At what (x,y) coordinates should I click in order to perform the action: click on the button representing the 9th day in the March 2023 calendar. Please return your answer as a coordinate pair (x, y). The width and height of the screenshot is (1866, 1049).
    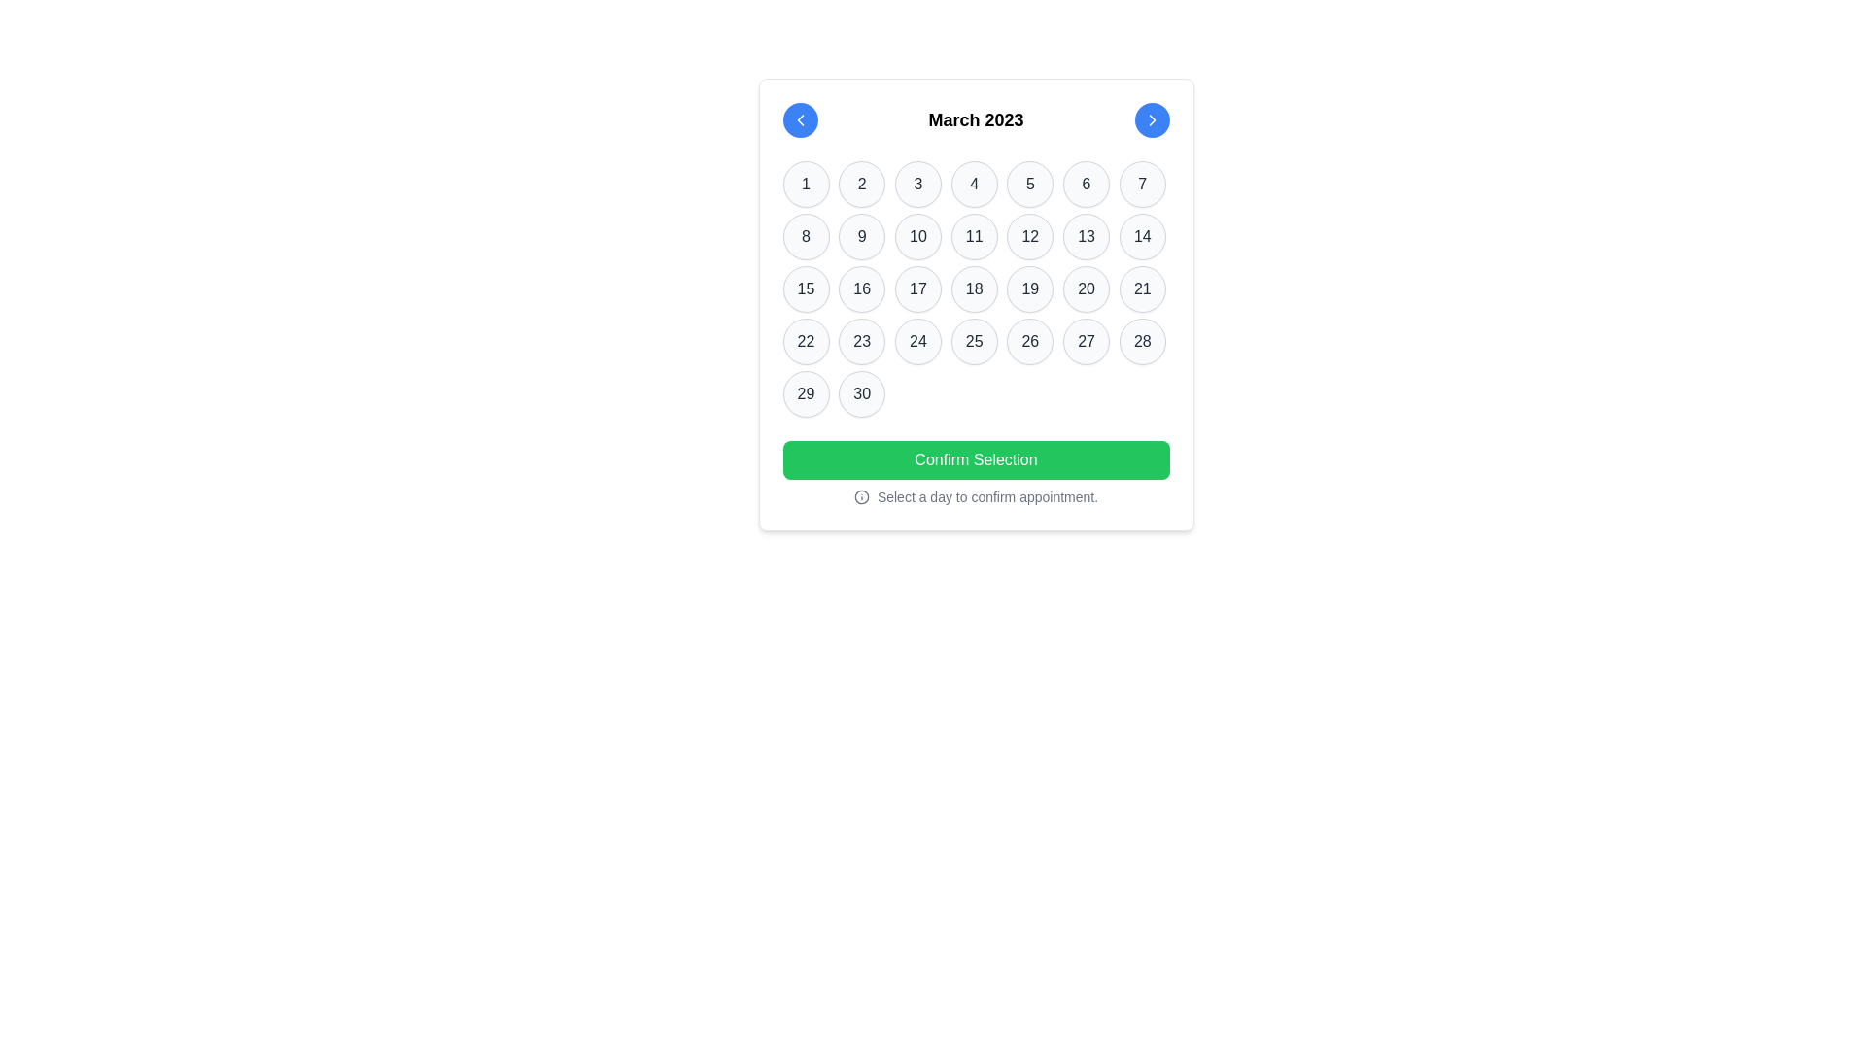
    Looking at the image, I should click on (861, 235).